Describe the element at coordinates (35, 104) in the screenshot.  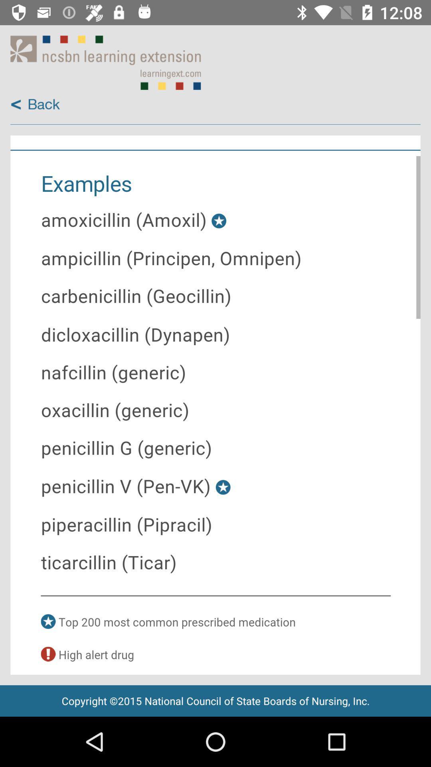
I see `go back` at that location.